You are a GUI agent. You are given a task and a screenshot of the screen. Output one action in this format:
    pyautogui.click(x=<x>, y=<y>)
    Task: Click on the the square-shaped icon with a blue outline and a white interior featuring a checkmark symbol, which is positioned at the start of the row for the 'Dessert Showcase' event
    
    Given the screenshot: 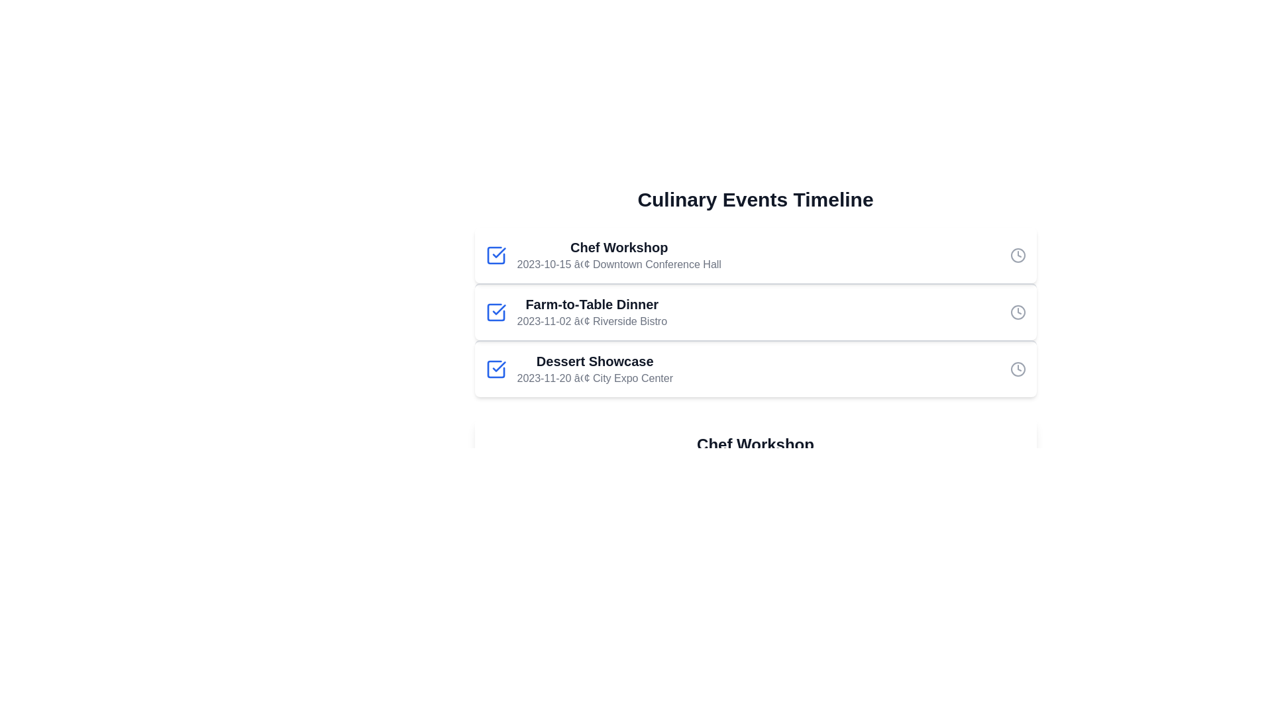 What is the action you would take?
    pyautogui.click(x=495, y=369)
    